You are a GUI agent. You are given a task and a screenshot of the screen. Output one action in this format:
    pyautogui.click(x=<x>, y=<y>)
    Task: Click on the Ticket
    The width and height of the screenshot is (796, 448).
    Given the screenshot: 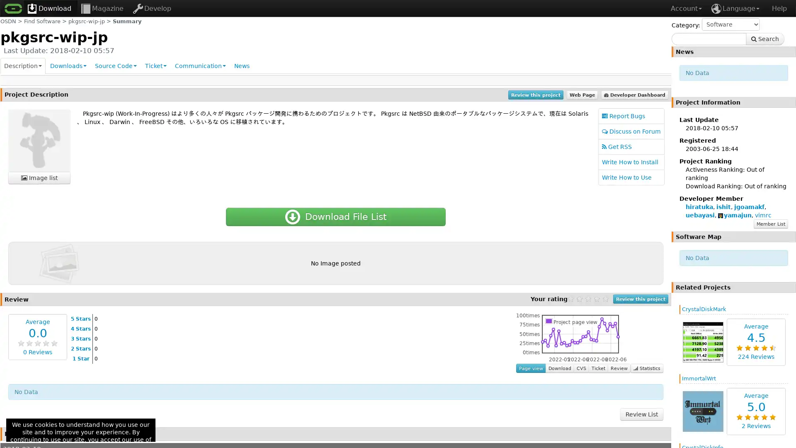 What is the action you would take?
    pyautogui.click(x=598, y=368)
    